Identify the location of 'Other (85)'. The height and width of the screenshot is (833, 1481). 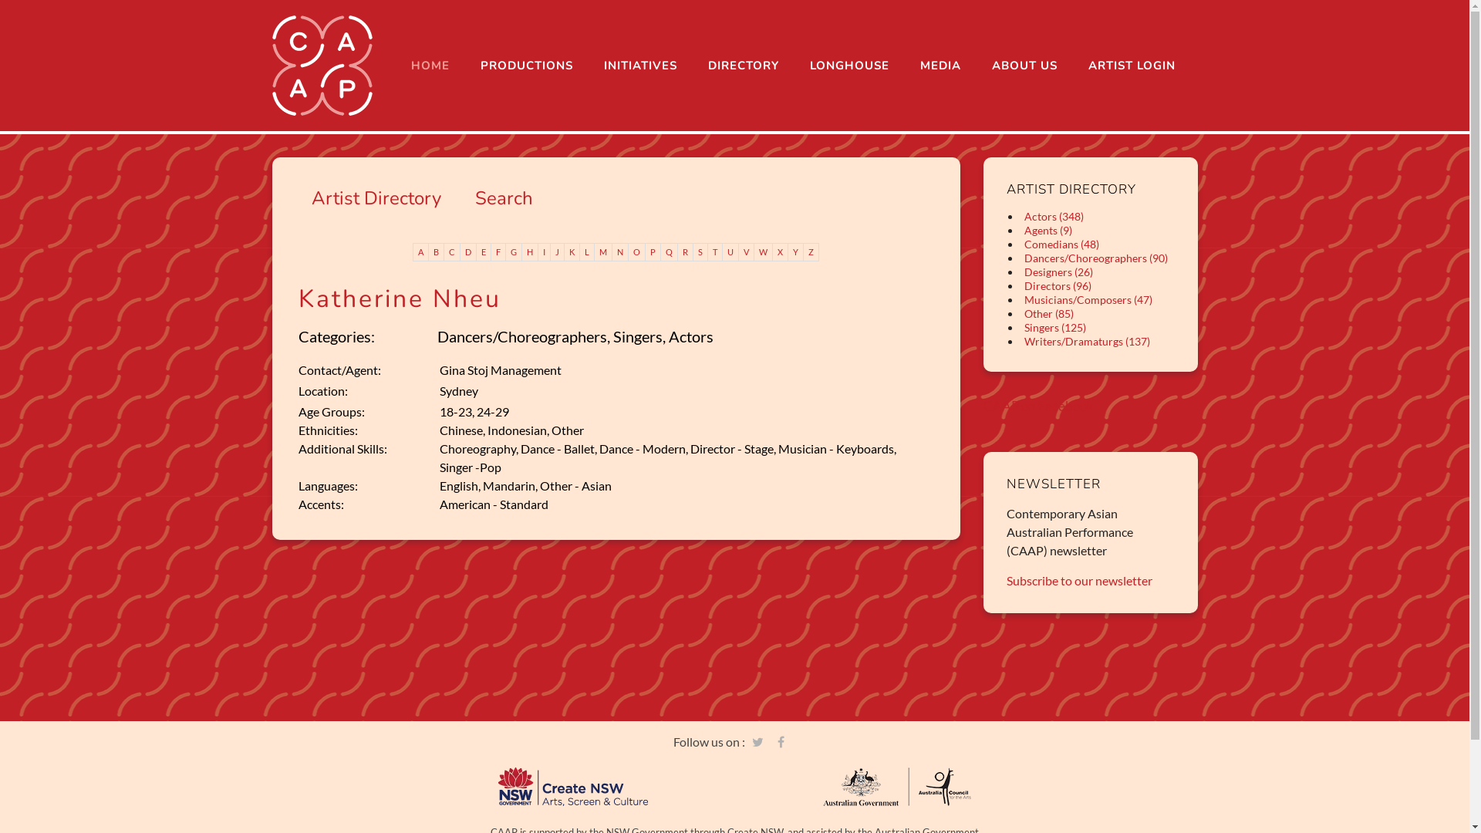
(1048, 312).